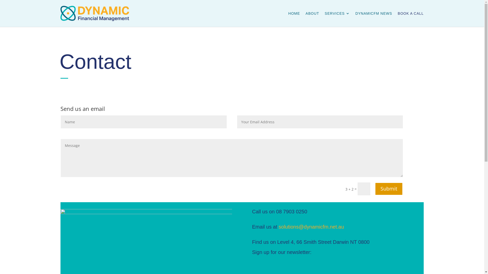  I want to click on 'Submit', so click(389, 189).